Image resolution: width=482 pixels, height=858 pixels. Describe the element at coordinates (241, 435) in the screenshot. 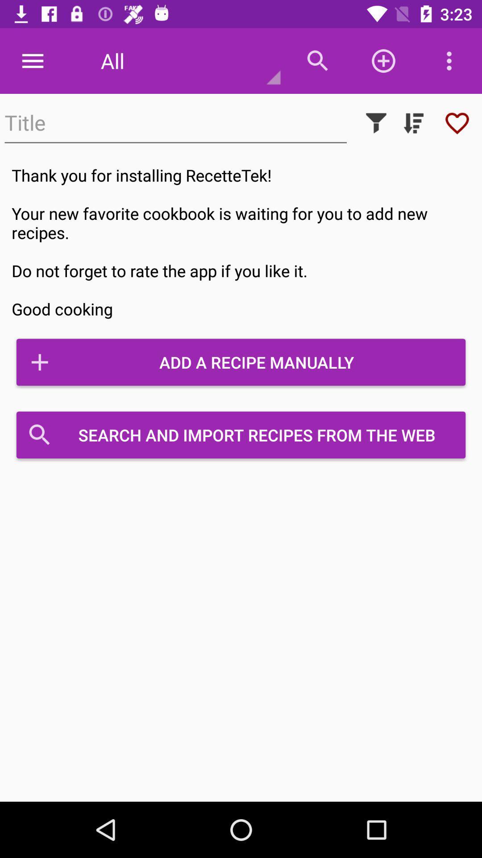

I see `icon below add a recipe` at that location.